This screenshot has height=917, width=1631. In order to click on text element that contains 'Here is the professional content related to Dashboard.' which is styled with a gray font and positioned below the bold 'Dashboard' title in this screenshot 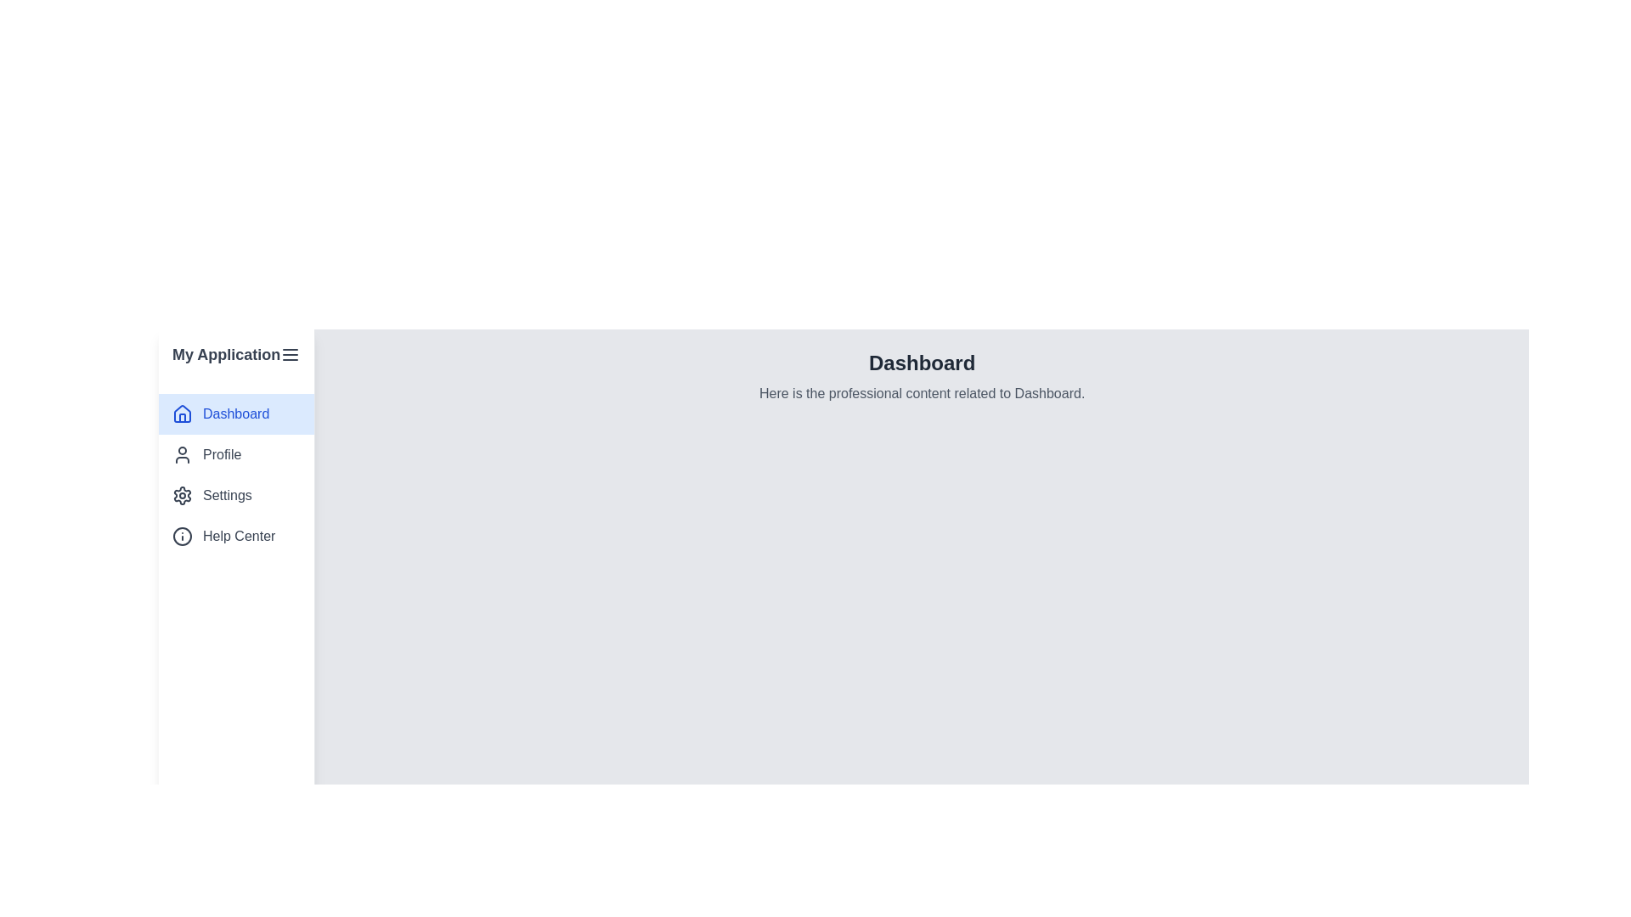, I will do `click(921, 393)`.